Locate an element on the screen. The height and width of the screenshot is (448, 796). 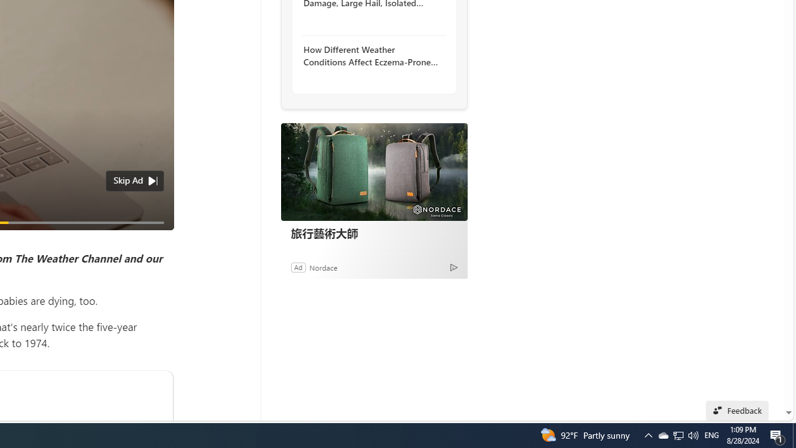
'Ad' is located at coordinates (297, 266).